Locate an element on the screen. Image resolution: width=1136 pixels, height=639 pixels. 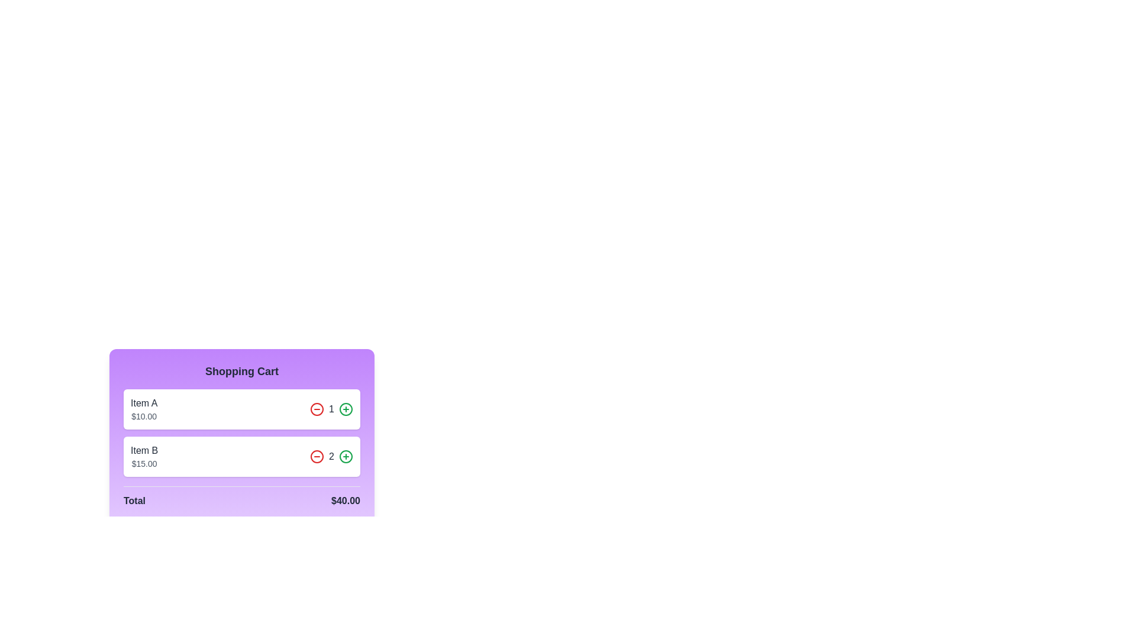
the text label displaying 'Item B' which is part of the shopping cart interface, located in the second item row and aligned with the price '$15.00' is located at coordinates (144, 451).